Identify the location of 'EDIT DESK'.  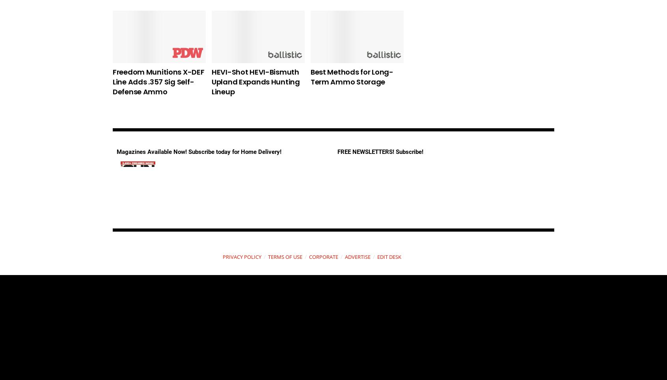
(376, 256).